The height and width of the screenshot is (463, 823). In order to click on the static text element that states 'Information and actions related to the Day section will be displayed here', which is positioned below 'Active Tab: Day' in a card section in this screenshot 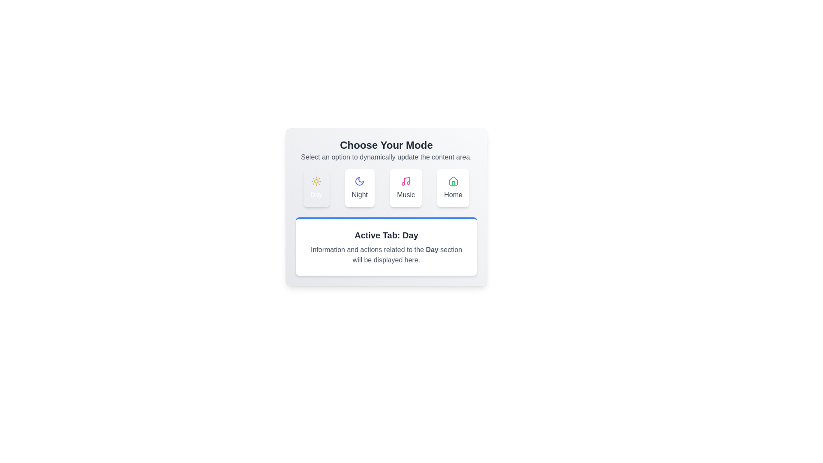, I will do `click(386, 254)`.